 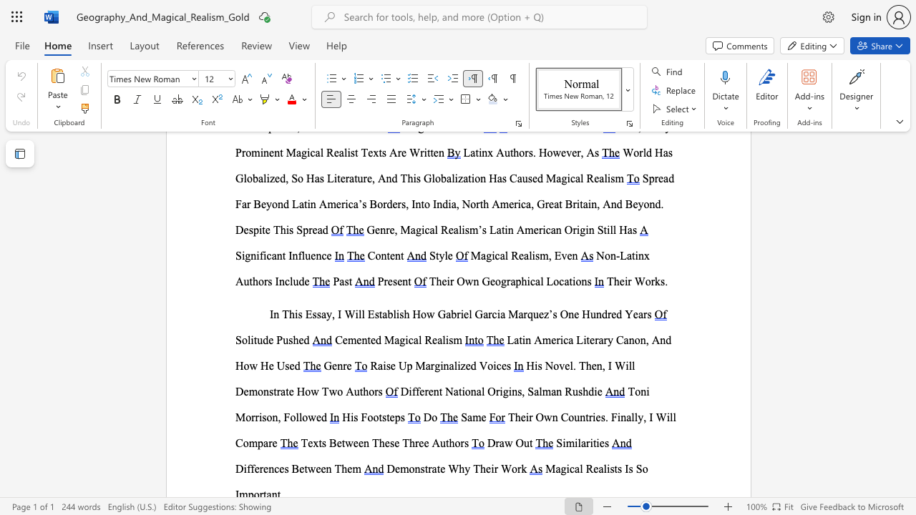 I want to click on the subset text "lar" within the text "Similarities", so click(x=578, y=442).